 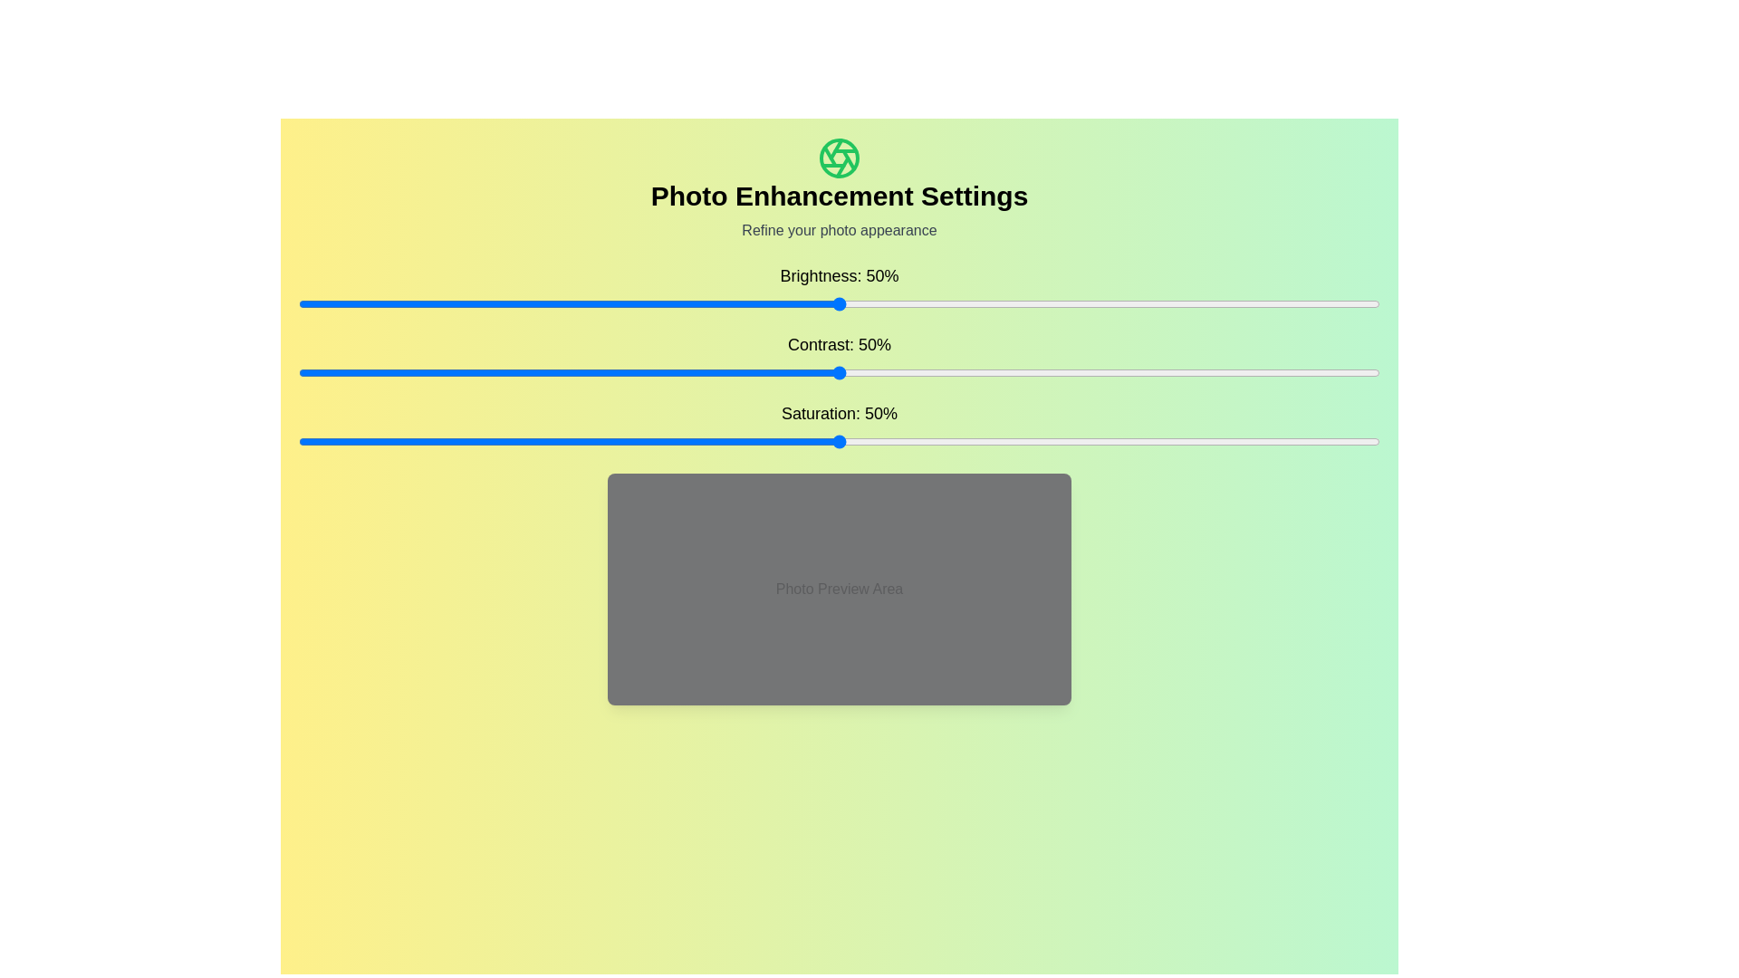 I want to click on the contrast slider to set the contrast to 4%, so click(x=341, y=372).